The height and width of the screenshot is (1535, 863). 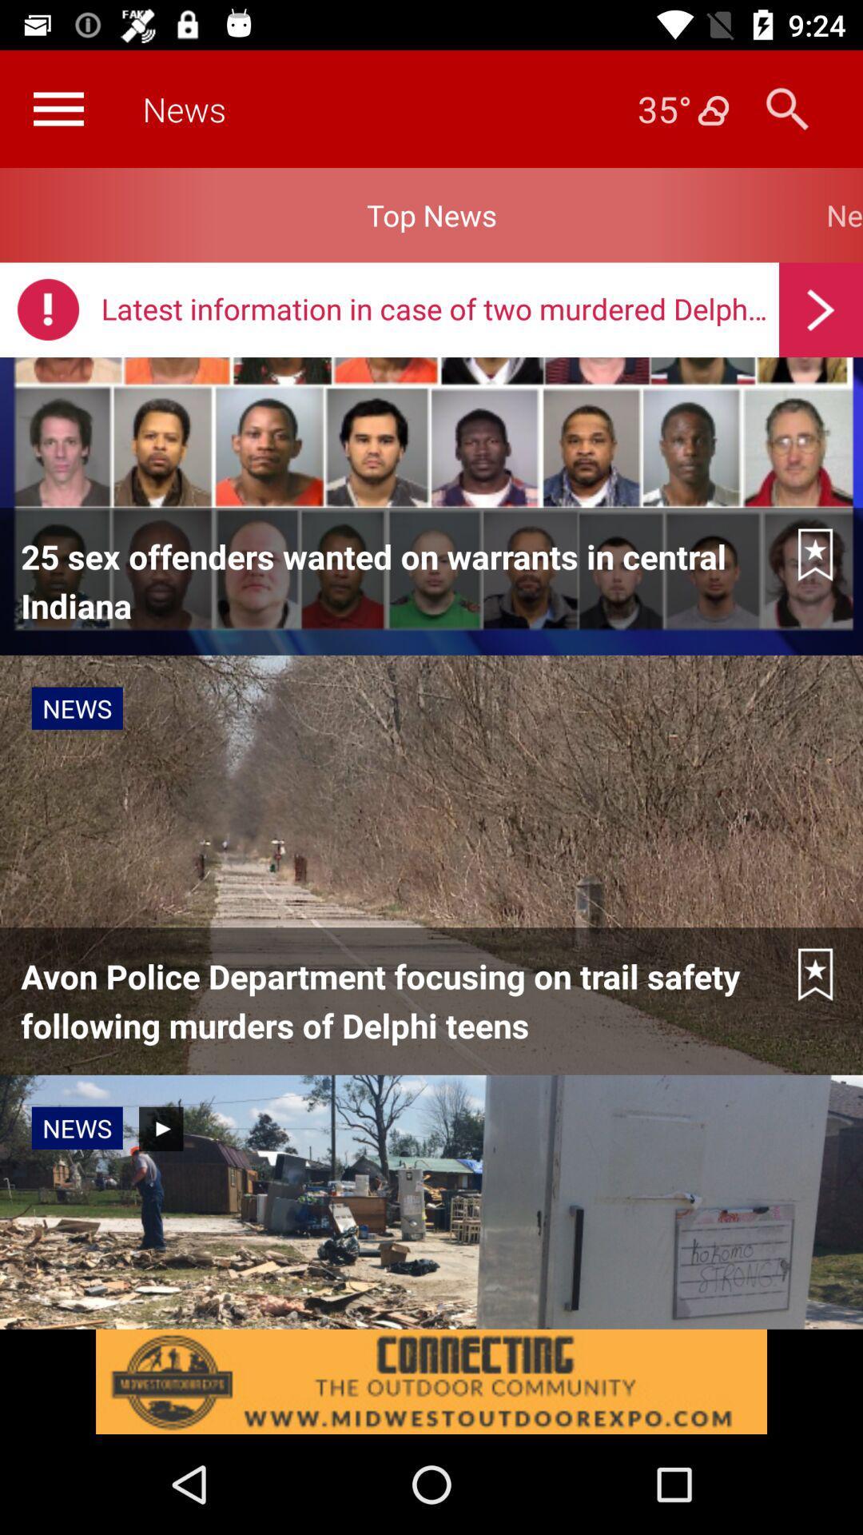 I want to click on the search icon, so click(x=786, y=108).